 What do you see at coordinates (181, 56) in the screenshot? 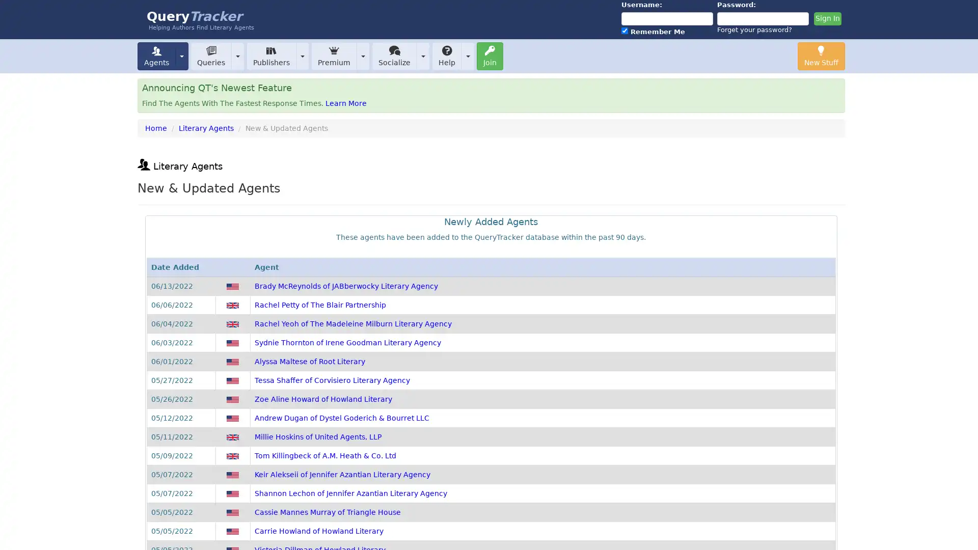
I see `Toggle Dropdown` at bounding box center [181, 56].